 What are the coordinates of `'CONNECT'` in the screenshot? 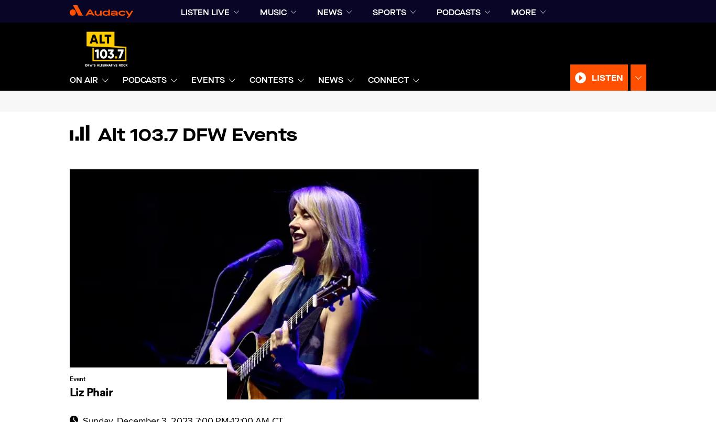 It's located at (388, 80).